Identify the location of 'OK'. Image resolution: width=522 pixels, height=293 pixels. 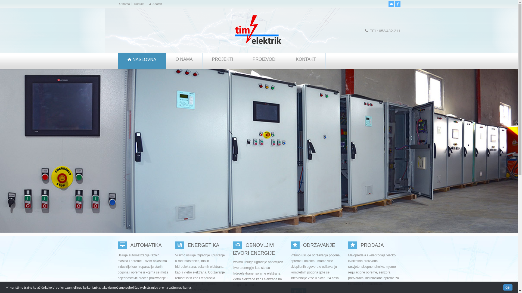
(507, 287).